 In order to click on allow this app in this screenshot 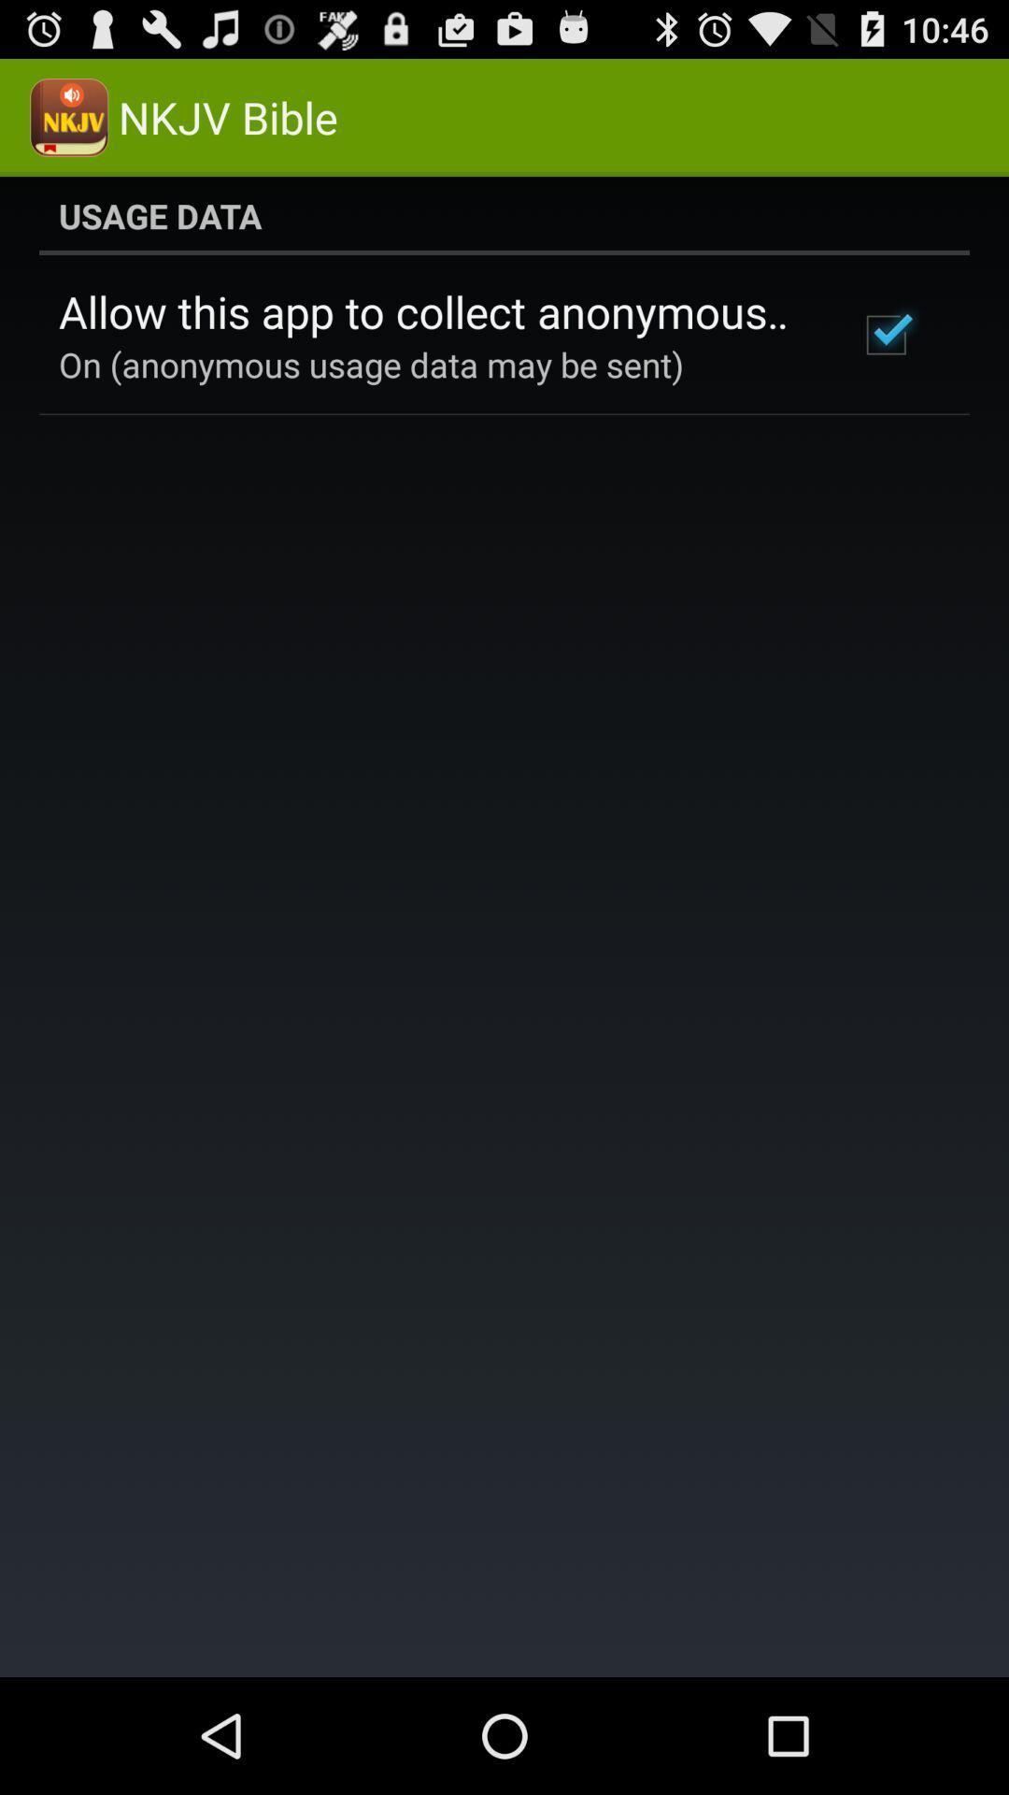, I will do `click(433, 311)`.